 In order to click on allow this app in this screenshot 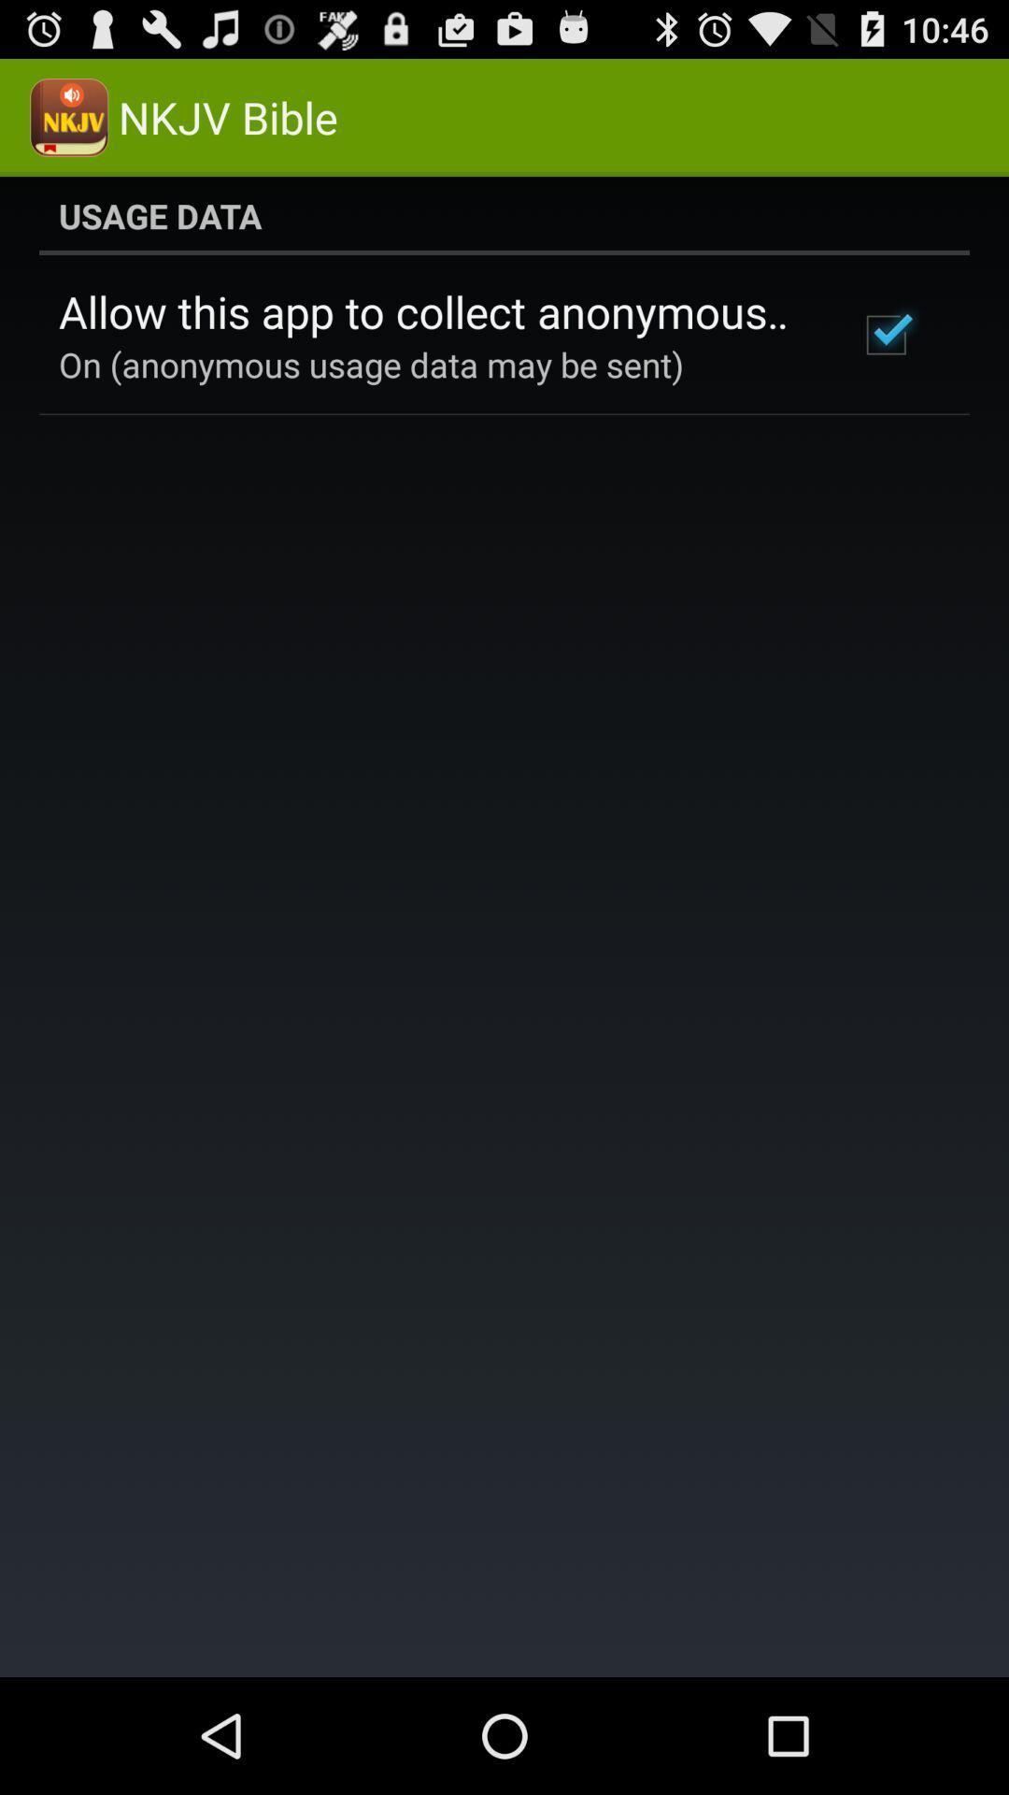, I will do `click(433, 311)`.